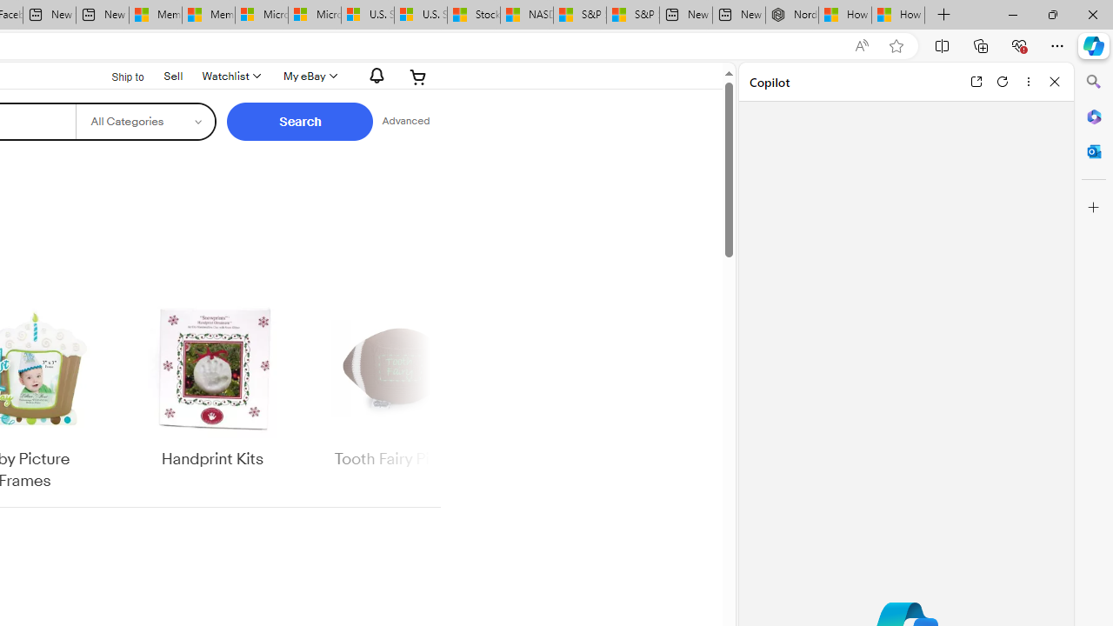 The image size is (1113, 626). I want to click on 'Watchlist', so click(229, 76).